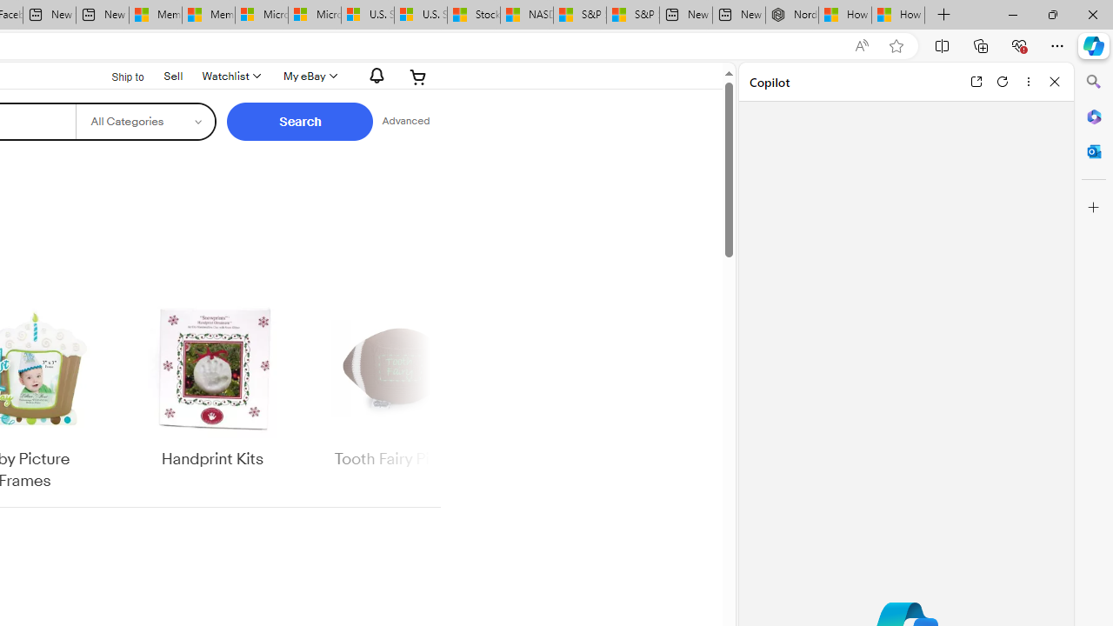 The image size is (1113, 626). I want to click on 'Watchlist', so click(229, 76).